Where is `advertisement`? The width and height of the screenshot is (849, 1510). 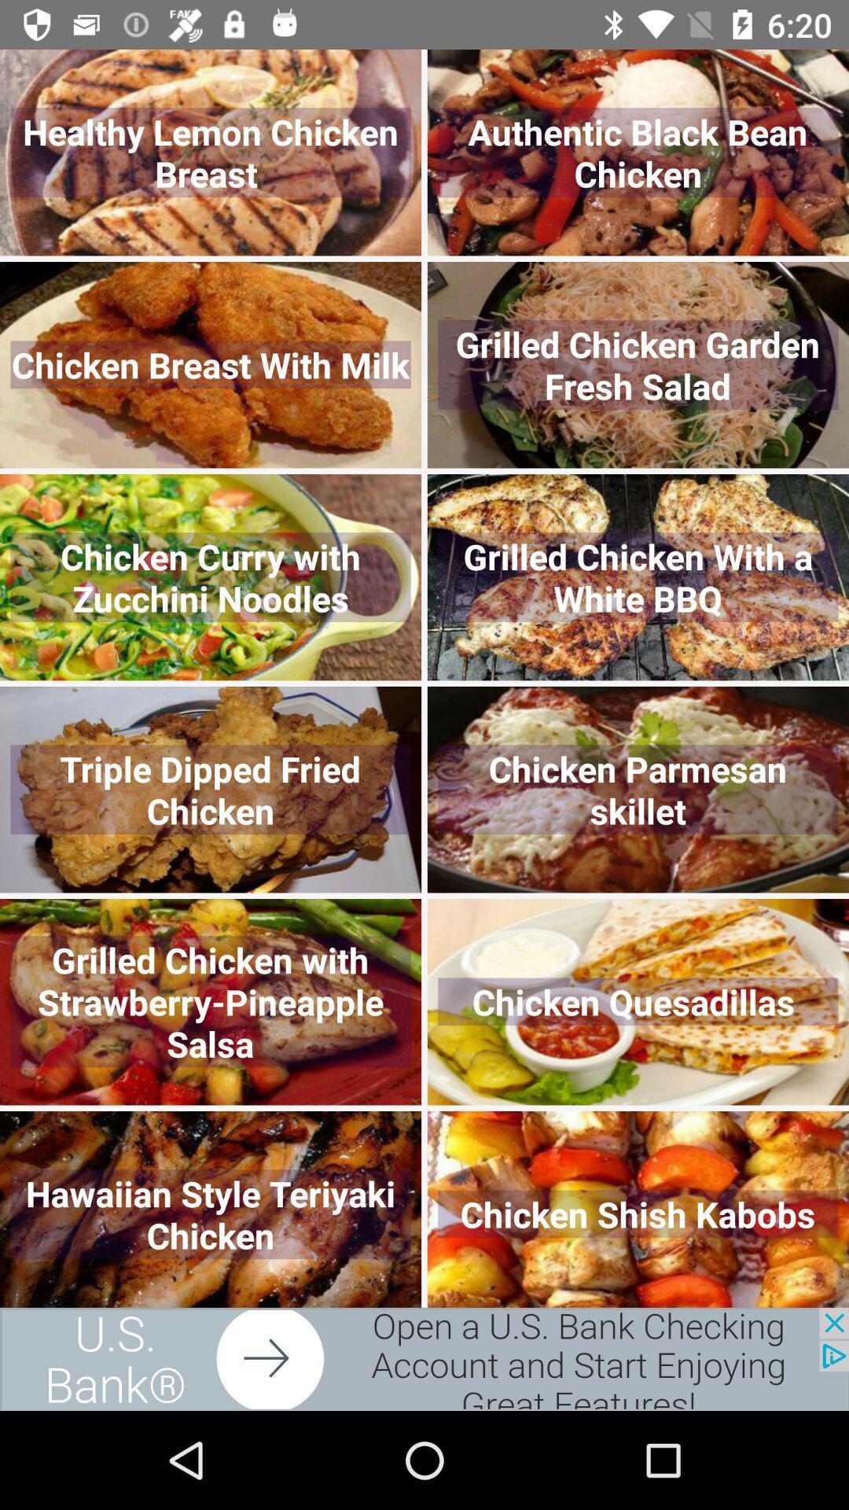 advertisement is located at coordinates (424, 1358).